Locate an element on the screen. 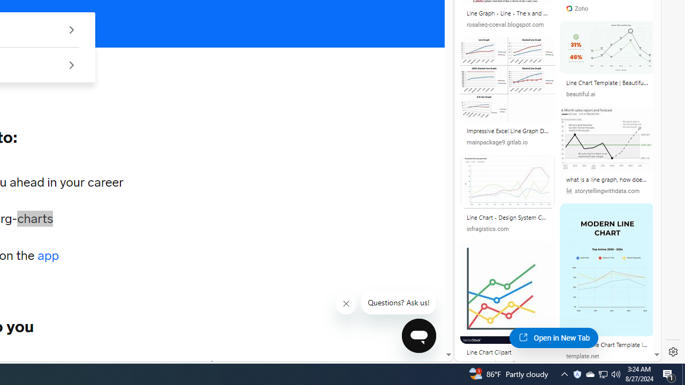 This screenshot has height=385, width=685. 'Close message from company' is located at coordinates (346, 304).